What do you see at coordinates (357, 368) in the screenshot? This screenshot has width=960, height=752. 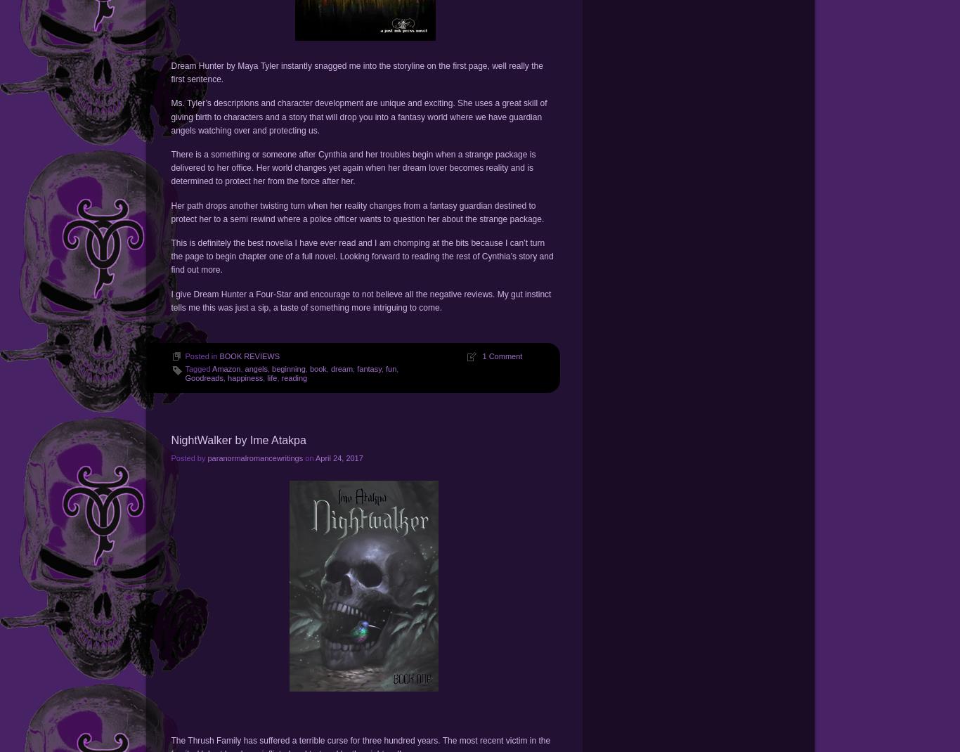 I see `'fantasy'` at bounding box center [357, 368].